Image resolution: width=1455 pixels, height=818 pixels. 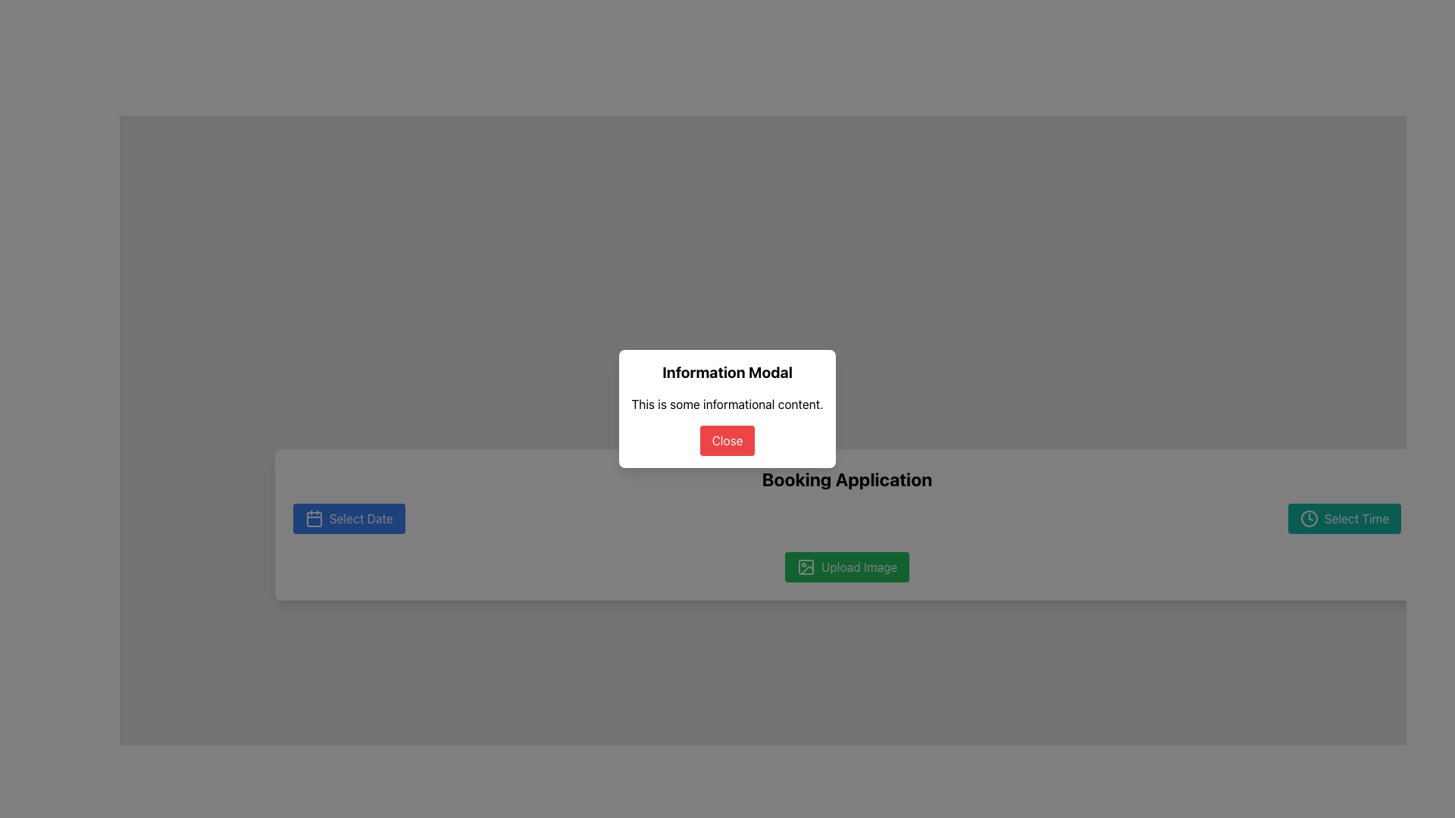 I want to click on the 'Select Time' button, so click(x=1344, y=518).